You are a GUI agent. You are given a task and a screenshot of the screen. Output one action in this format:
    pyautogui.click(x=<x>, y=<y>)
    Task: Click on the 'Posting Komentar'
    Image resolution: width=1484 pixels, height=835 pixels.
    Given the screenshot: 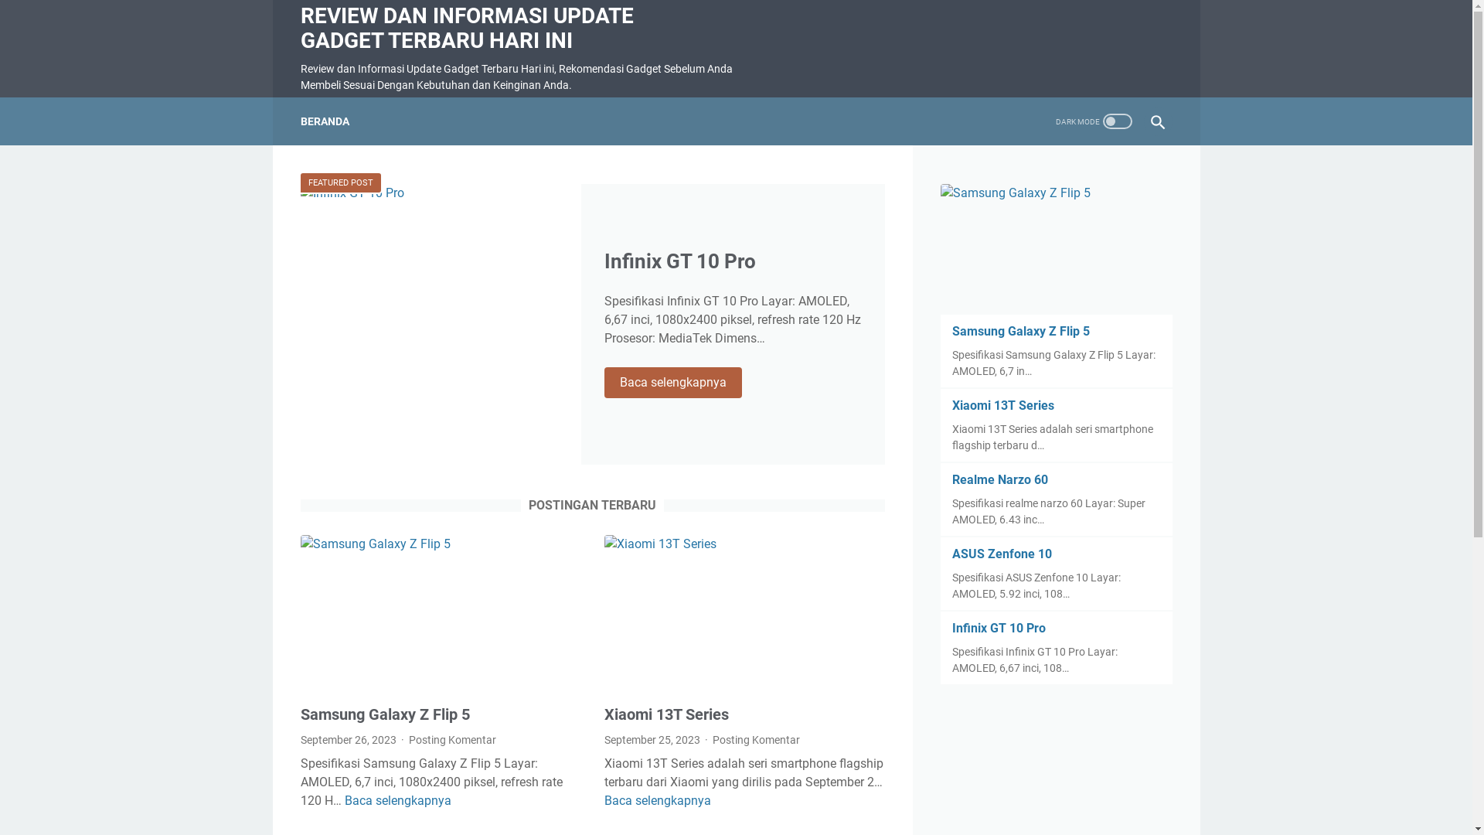 What is the action you would take?
    pyautogui.click(x=408, y=738)
    